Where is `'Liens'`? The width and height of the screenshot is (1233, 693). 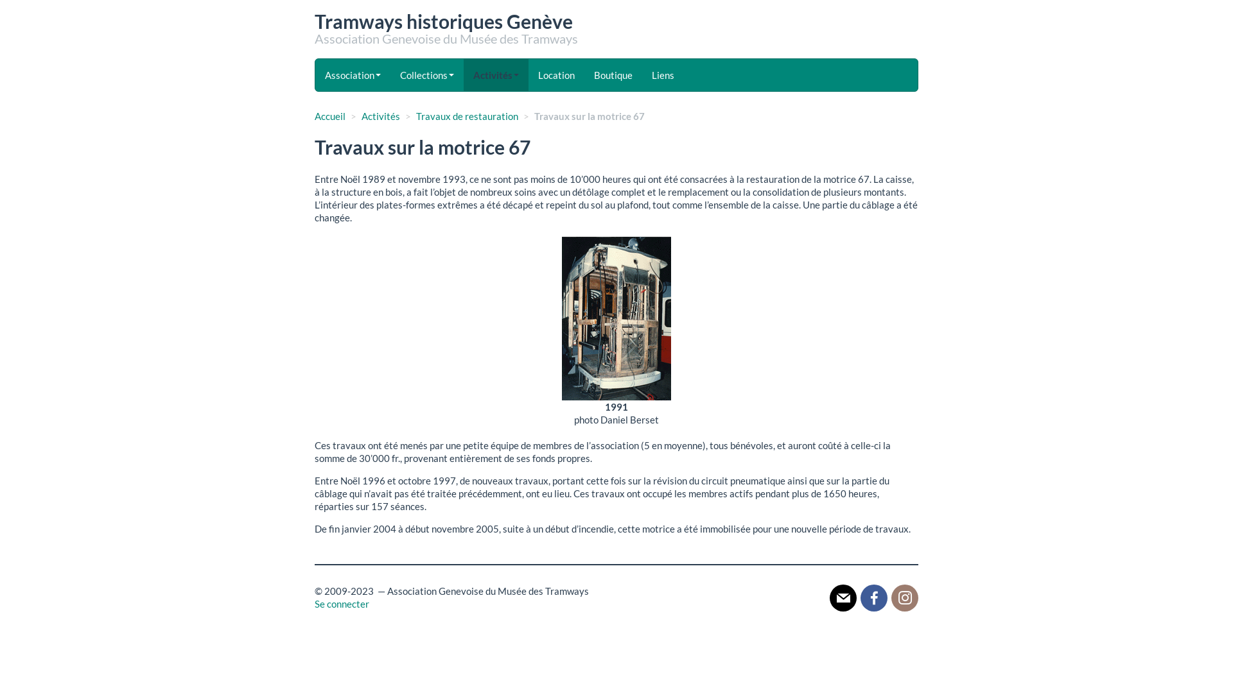
'Liens' is located at coordinates (663, 74).